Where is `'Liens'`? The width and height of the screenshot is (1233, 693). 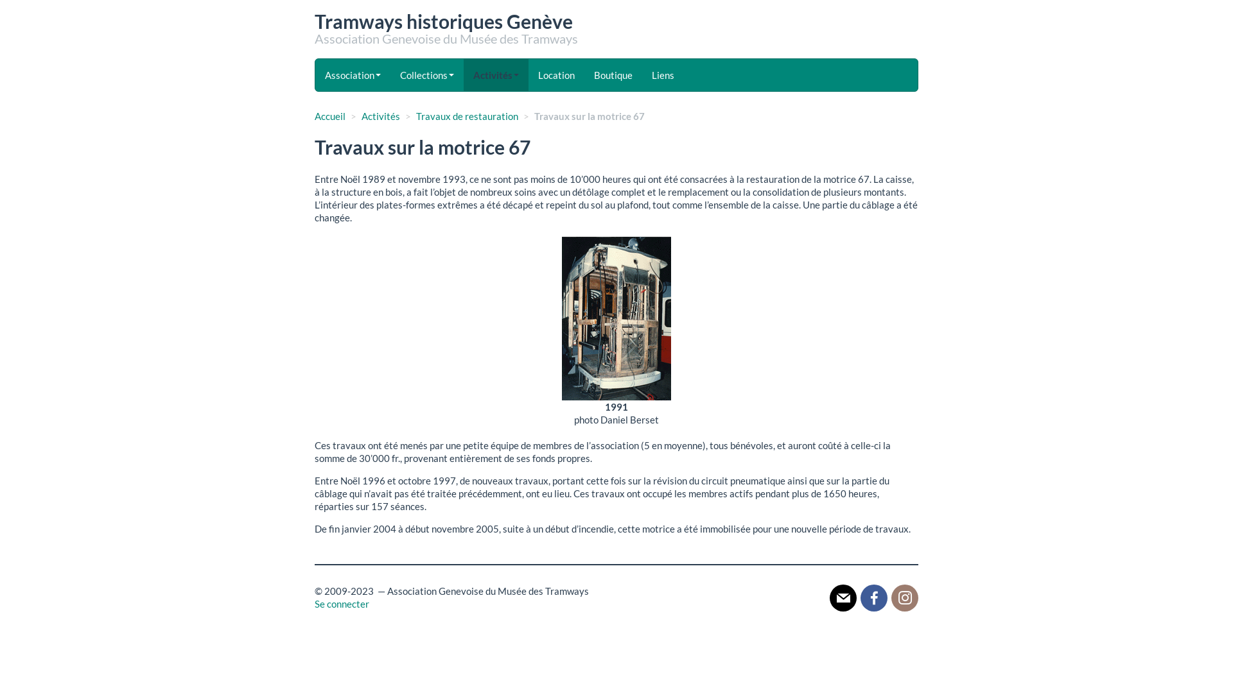
'Liens' is located at coordinates (663, 74).